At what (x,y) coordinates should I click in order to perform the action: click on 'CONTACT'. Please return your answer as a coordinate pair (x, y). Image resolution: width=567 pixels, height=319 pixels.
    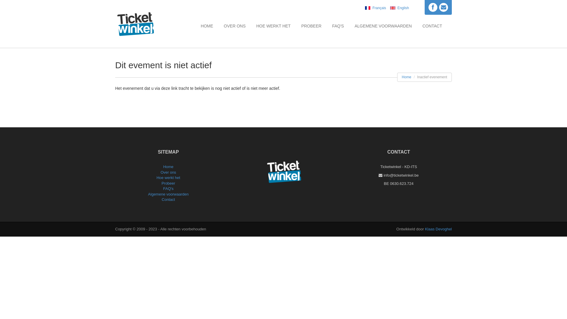
    Looking at the image, I should click on (432, 26).